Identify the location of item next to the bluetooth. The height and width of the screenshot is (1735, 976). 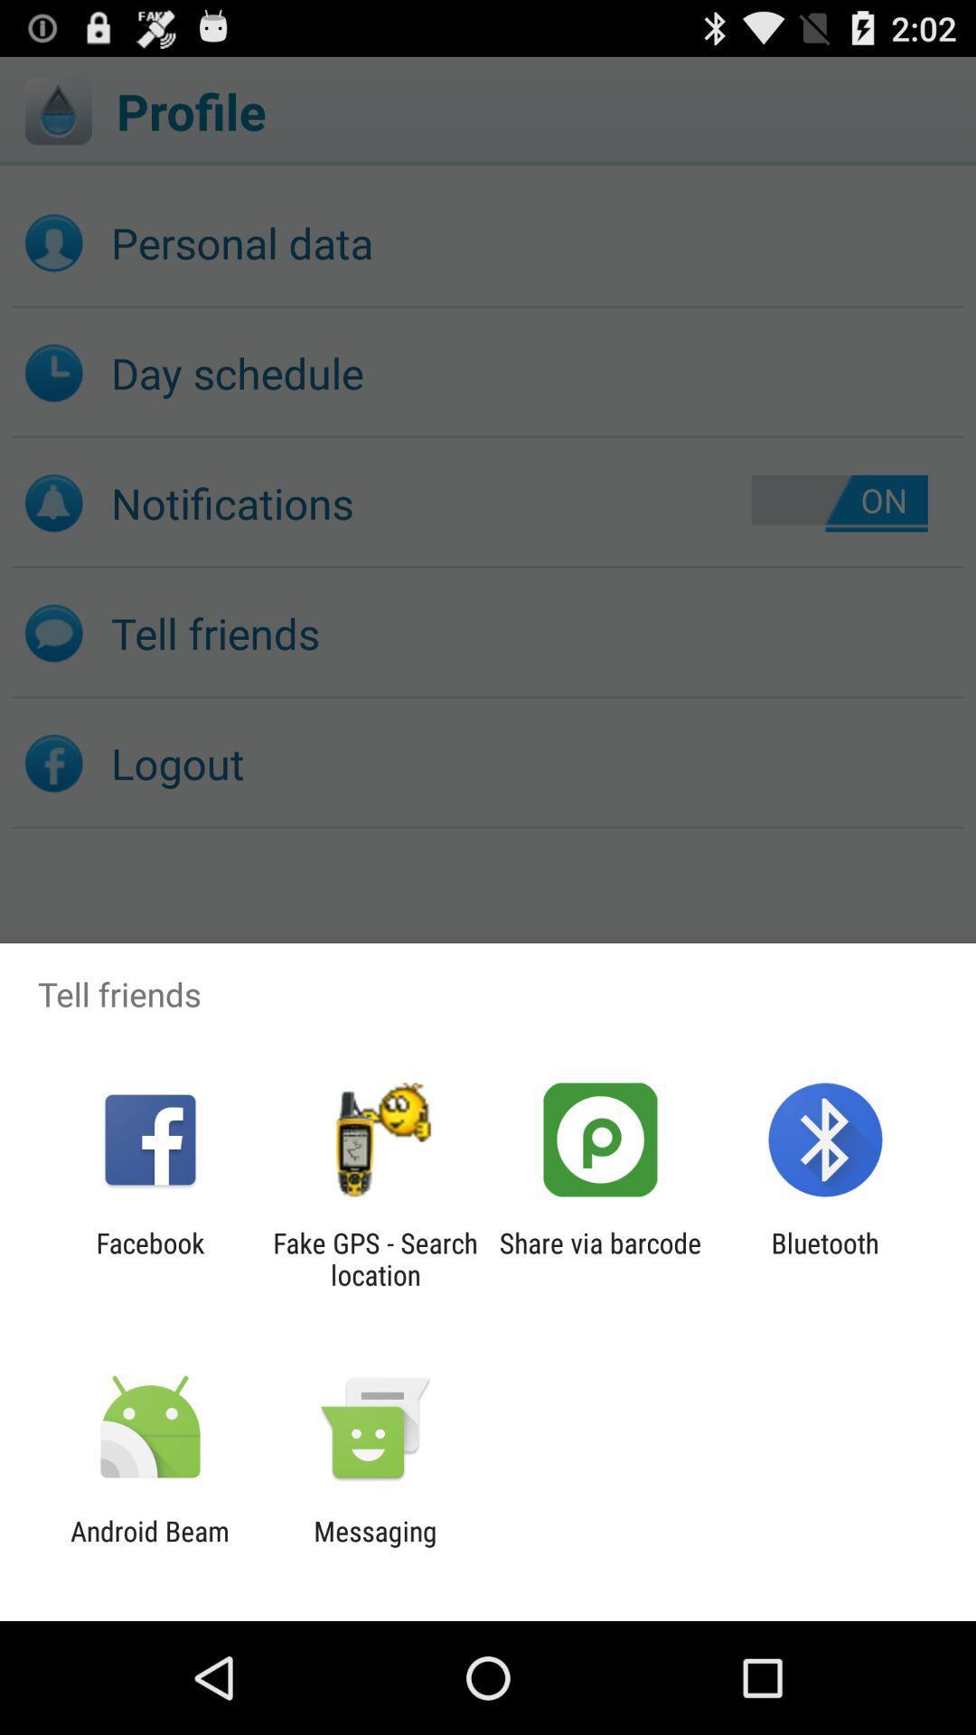
(600, 1258).